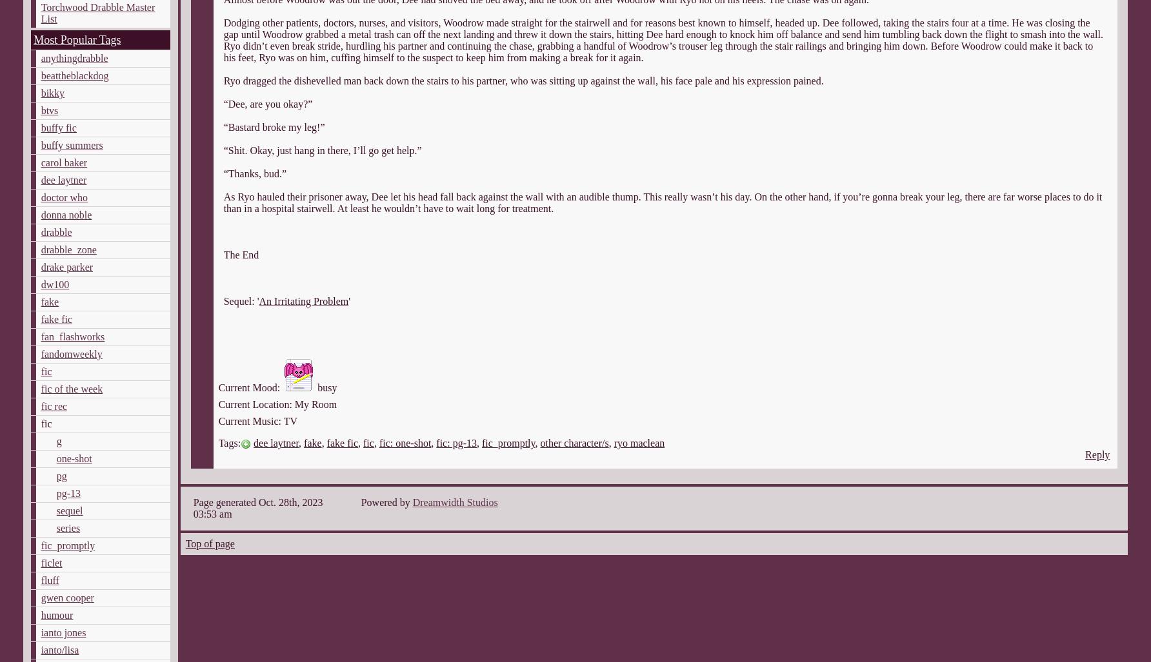 This screenshot has height=662, width=1151. I want to click on 'ficlet', so click(40, 562).